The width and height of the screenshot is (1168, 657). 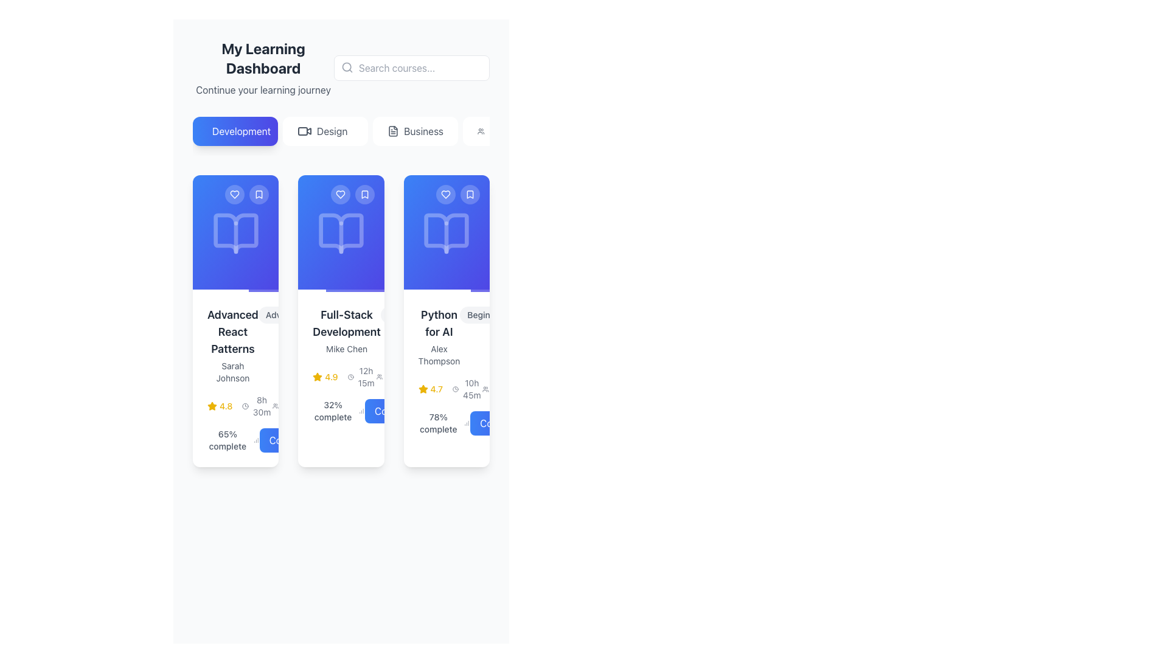 What do you see at coordinates (346, 349) in the screenshot?
I see `the text label displaying 'Mike Chen' which is positioned below the title 'Full-Stack Development' in the second card of the 'Development' section` at bounding box center [346, 349].